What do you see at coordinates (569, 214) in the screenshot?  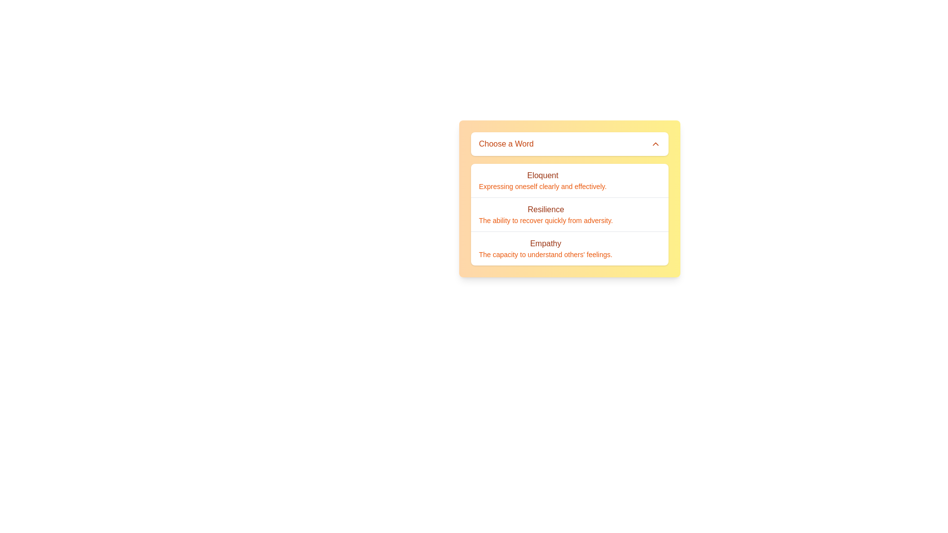 I see `the selectable list item labeled 'Resilience' which is the second item` at bounding box center [569, 214].